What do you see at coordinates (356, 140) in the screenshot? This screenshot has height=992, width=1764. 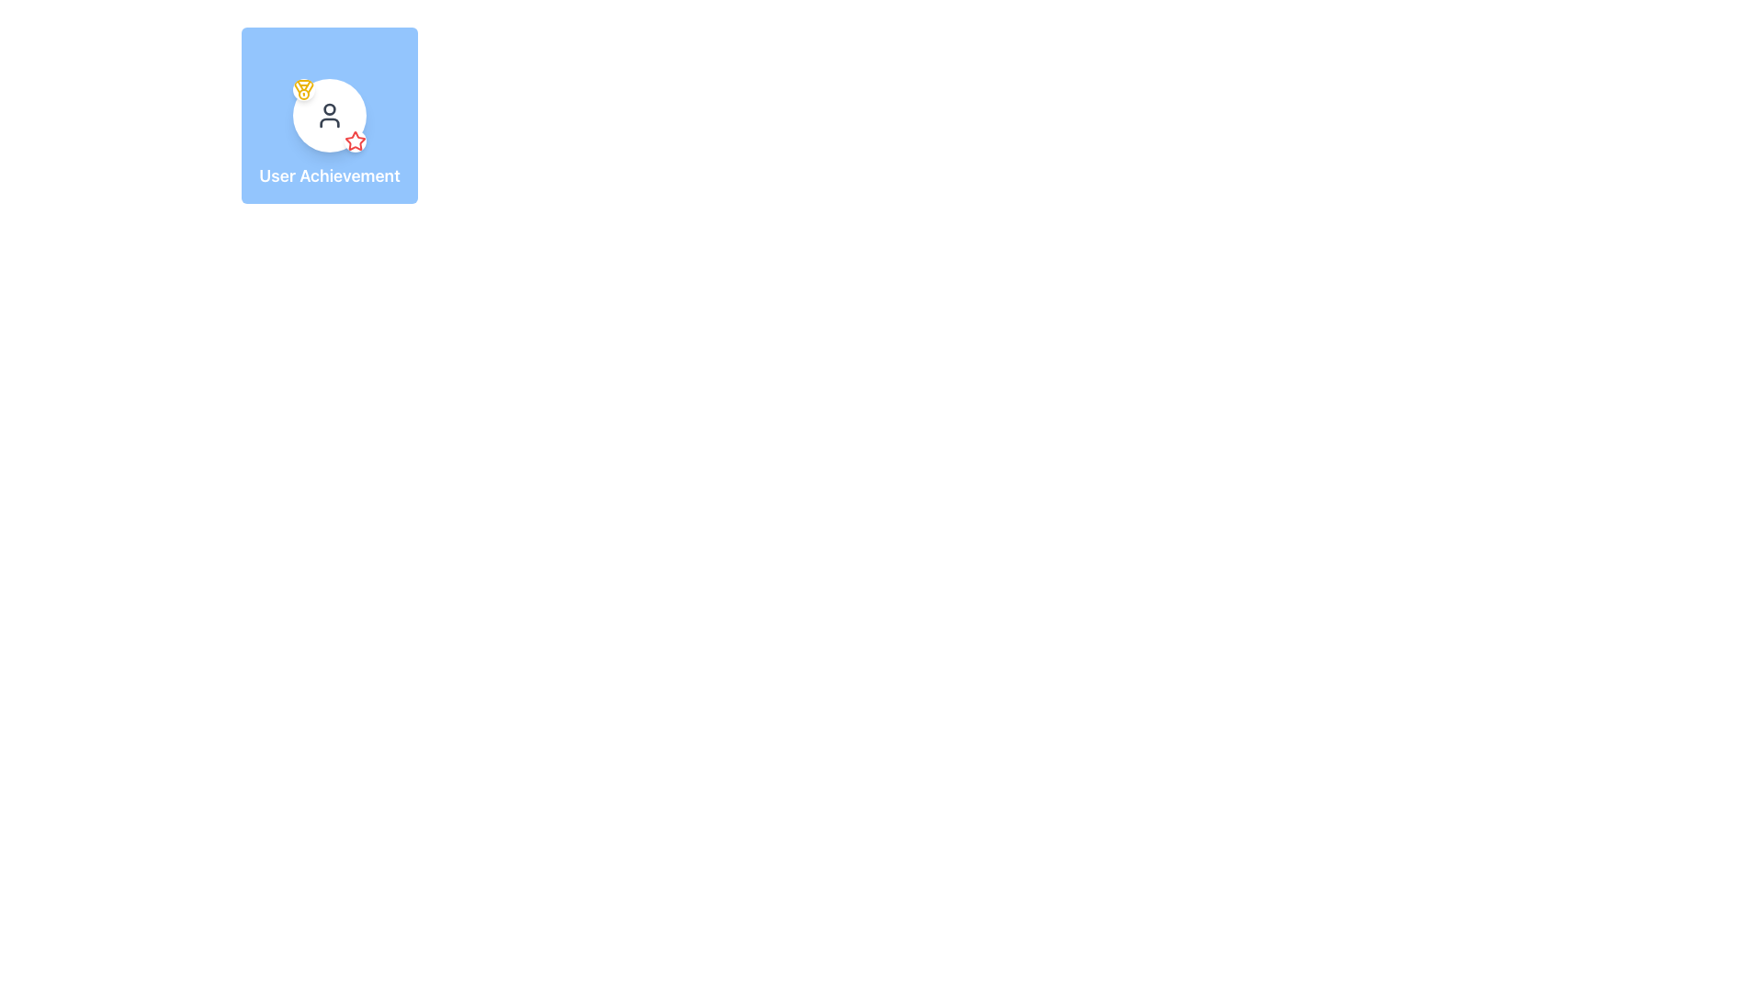 I see `the status of the star-shaped icon located within the circular badge at the bottom-right corner of the user profile card` at bounding box center [356, 140].